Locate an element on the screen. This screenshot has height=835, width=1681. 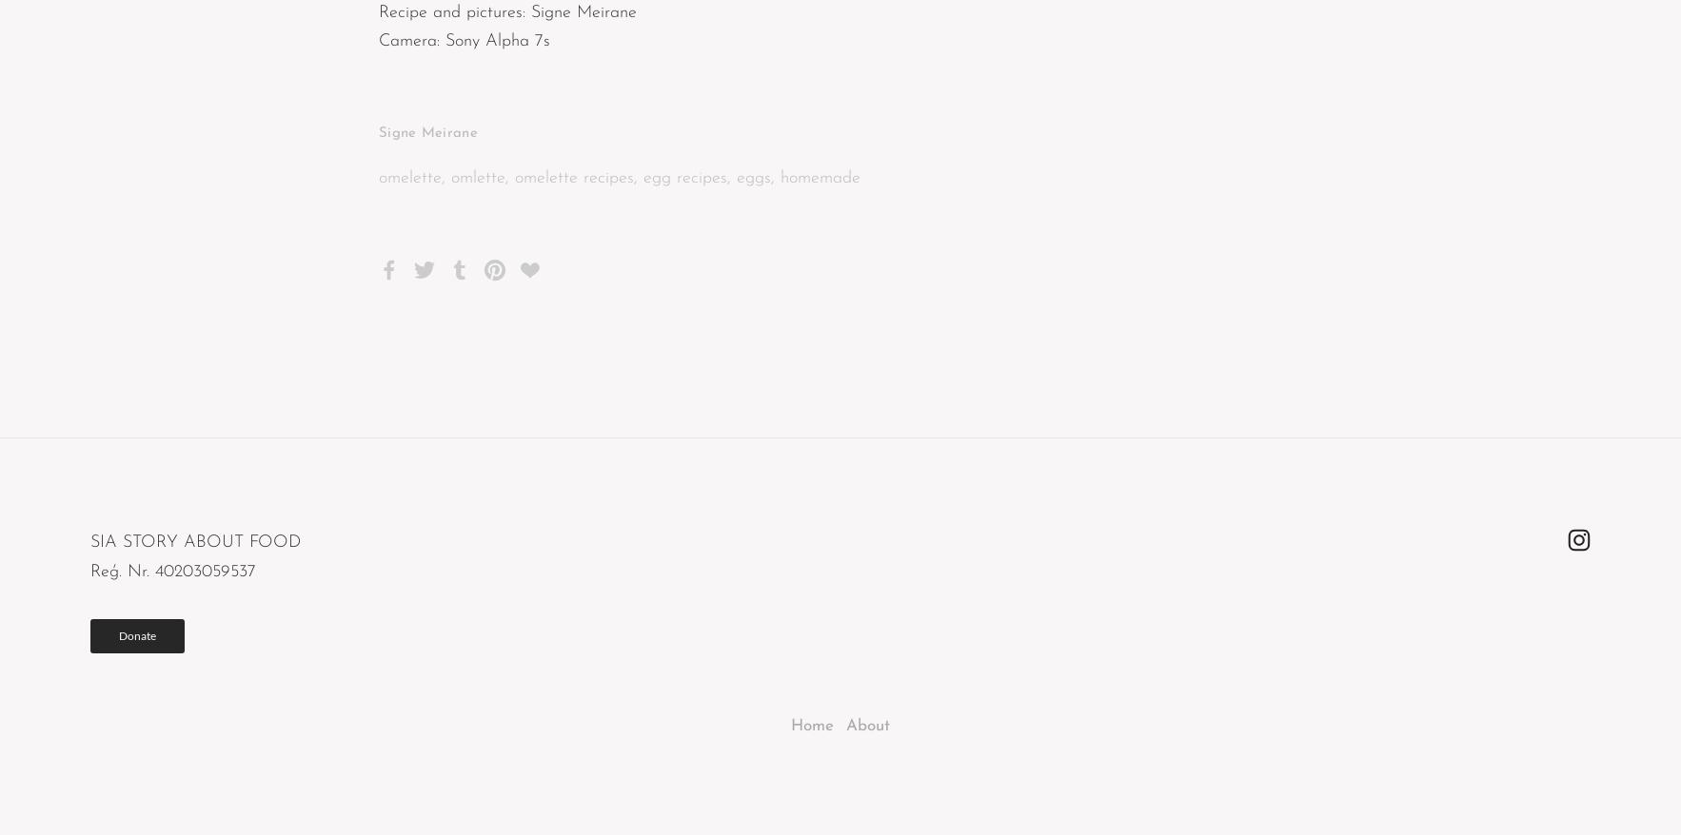
'Home' is located at coordinates (811, 725).